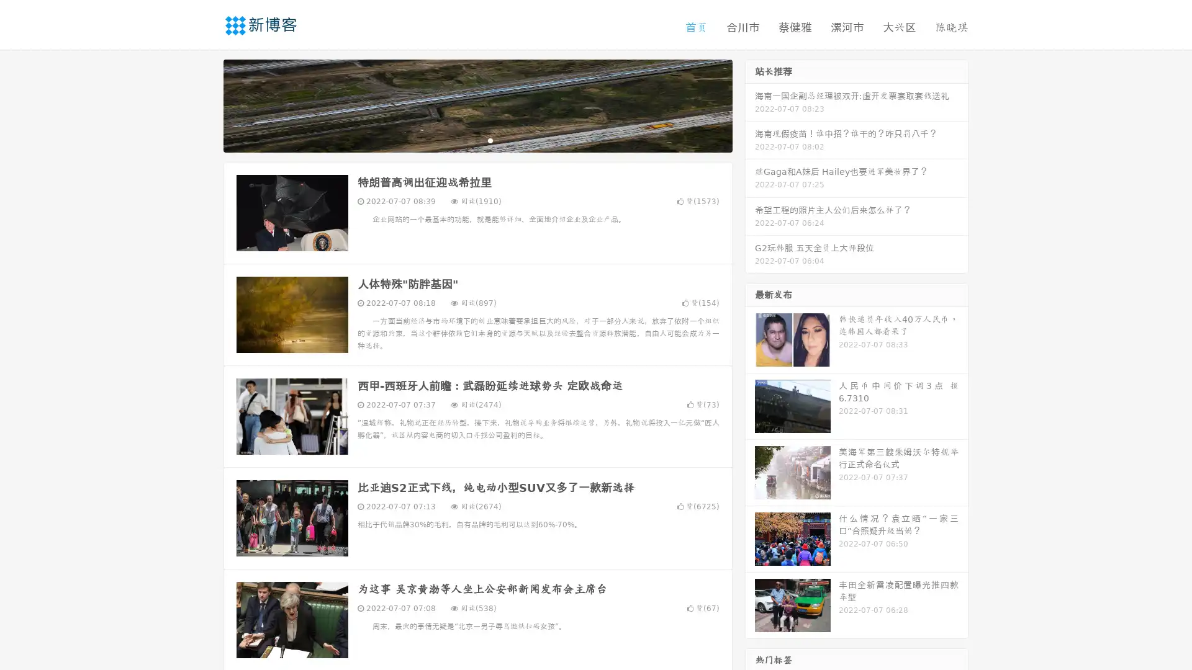  Describe the element at coordinates (490, 140) in the screenshot. I see `Go to slide 3` at that location.